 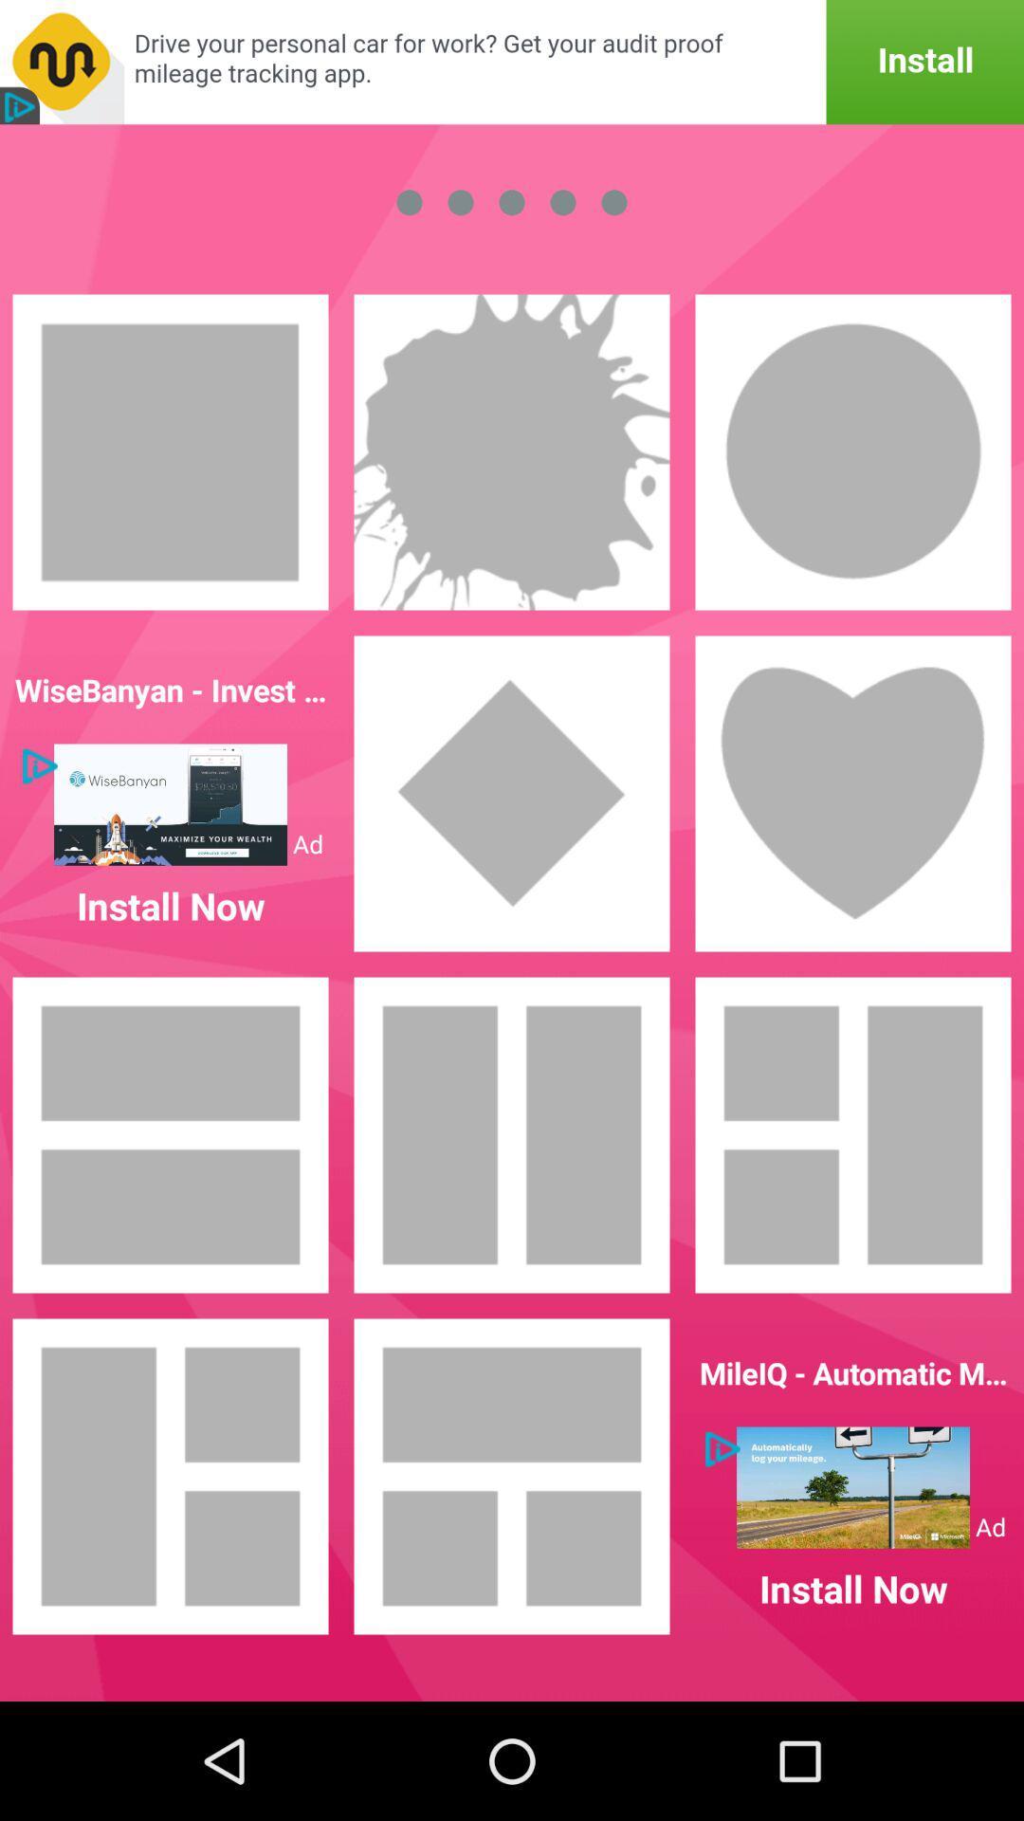 I want to click on make it diamond shaped, so click(x=512, y=793).